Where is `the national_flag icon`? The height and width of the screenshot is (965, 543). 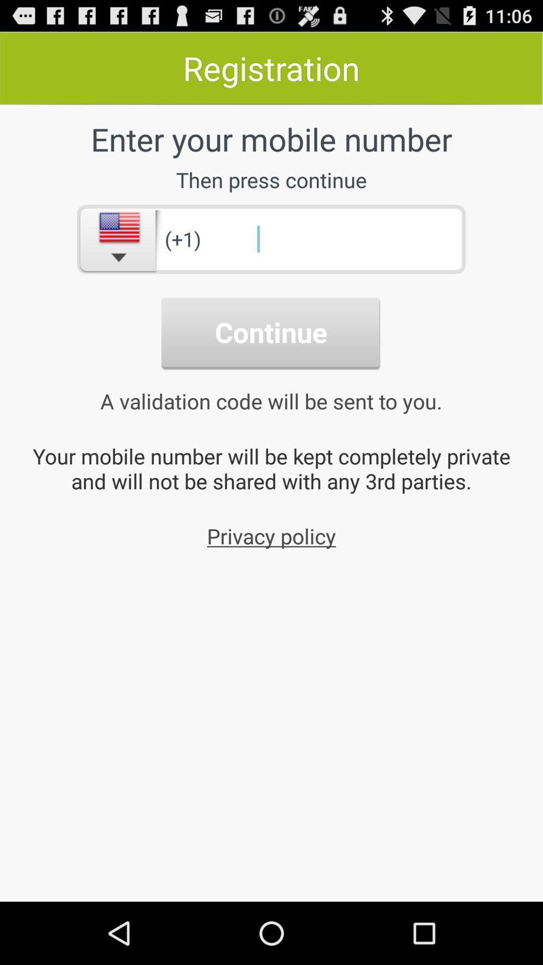
the national_flag icon is located at coordinates (122, 245).